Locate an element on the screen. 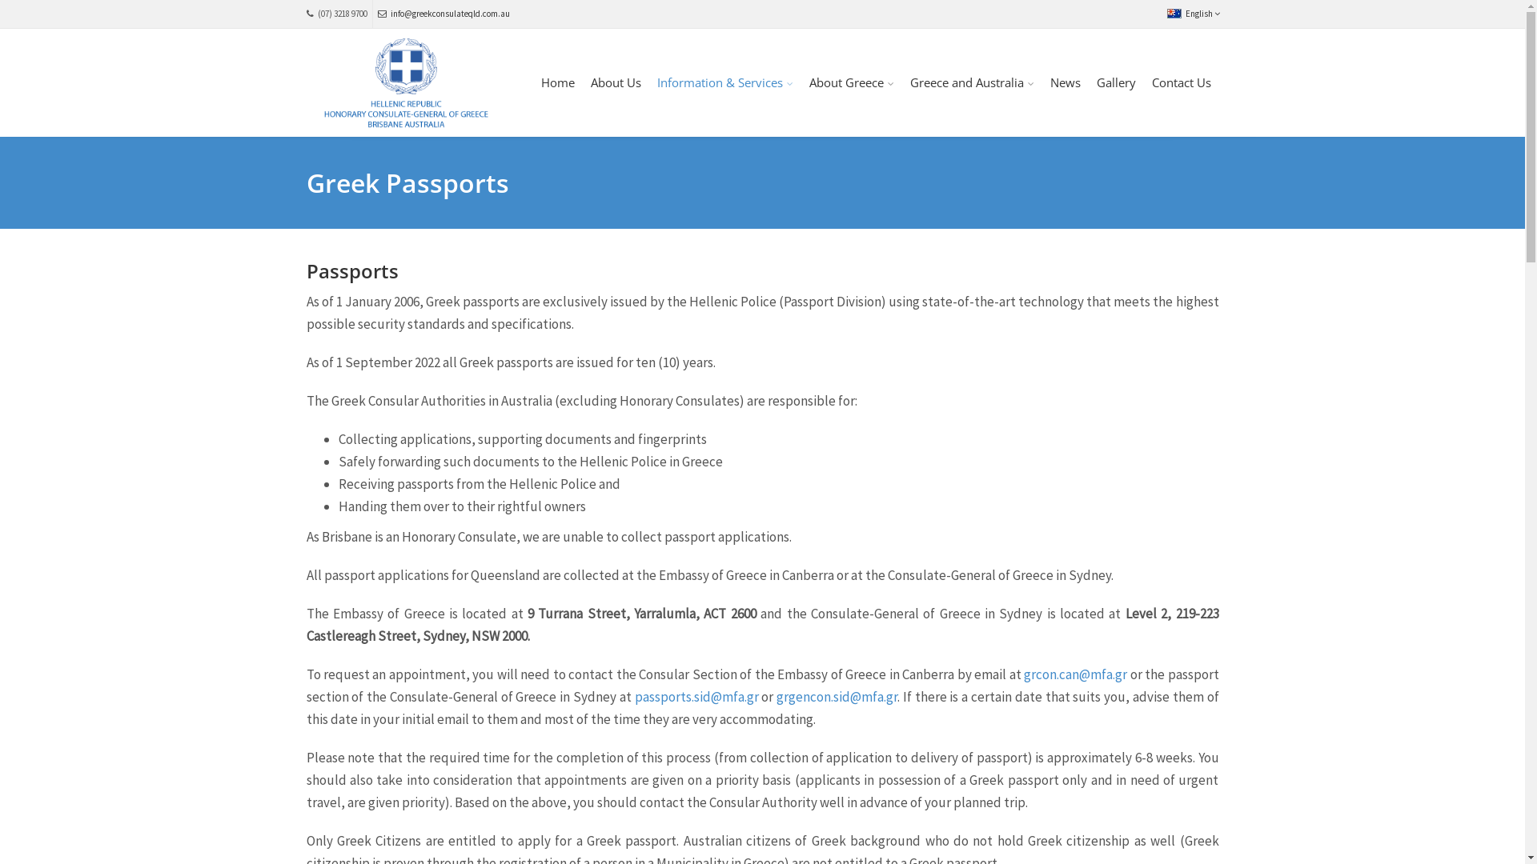 This screenshot has height=864, width=1537. 'info@greekconsulateqld.com.au' is located at coordinates (443, 14).